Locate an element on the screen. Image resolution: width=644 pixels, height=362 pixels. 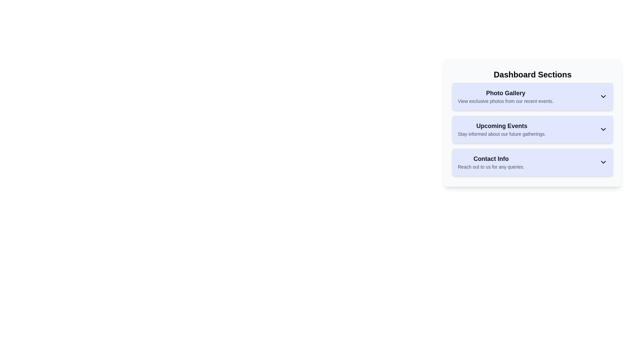
the chevron icon that indicates the expand/collapse functionality of the 'Photo Gallery' section on the Dashboard is located at coordinates (603, 97).